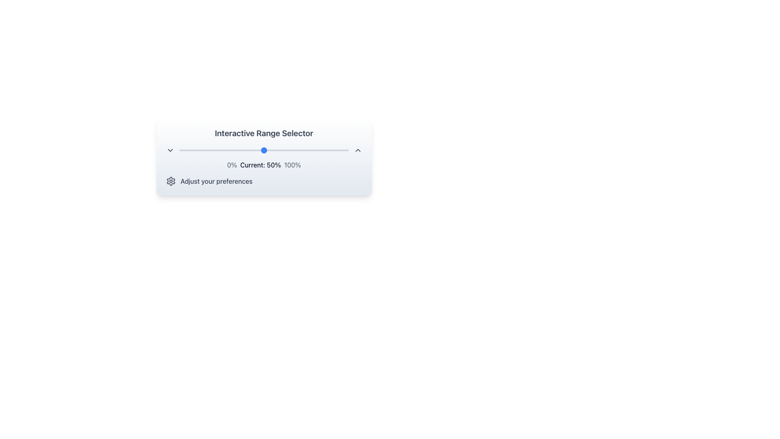 The width and height of the screenshot is (780, 439). Describe the element at coordinates (281, 150) in the screenshot. I see `slider value` at that location.